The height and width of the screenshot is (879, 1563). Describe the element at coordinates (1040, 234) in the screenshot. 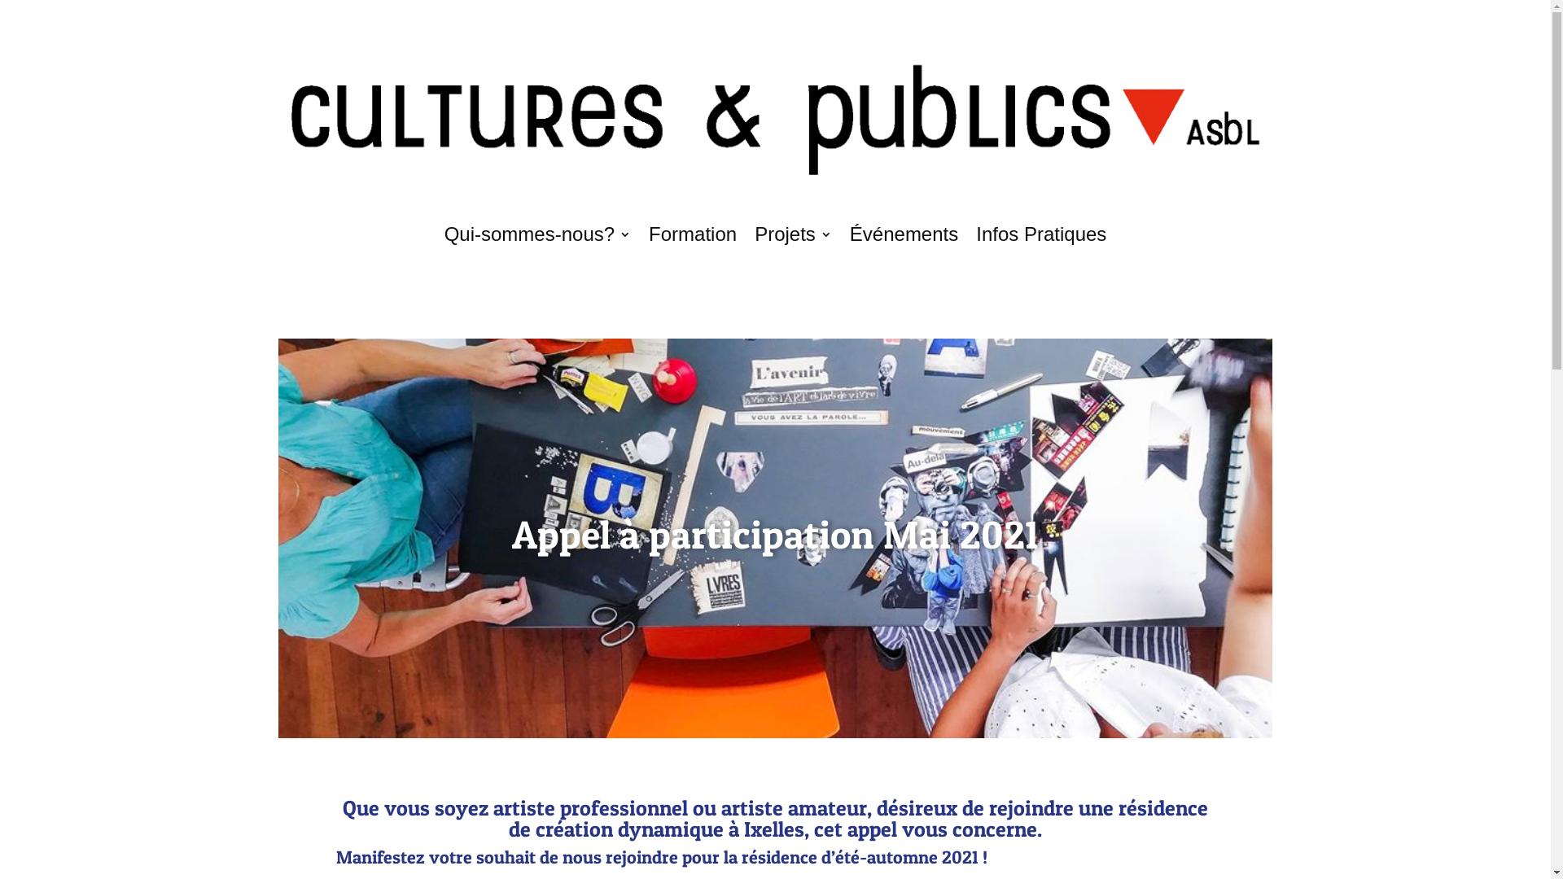

I see `'Infos Pratiques'` at that location.